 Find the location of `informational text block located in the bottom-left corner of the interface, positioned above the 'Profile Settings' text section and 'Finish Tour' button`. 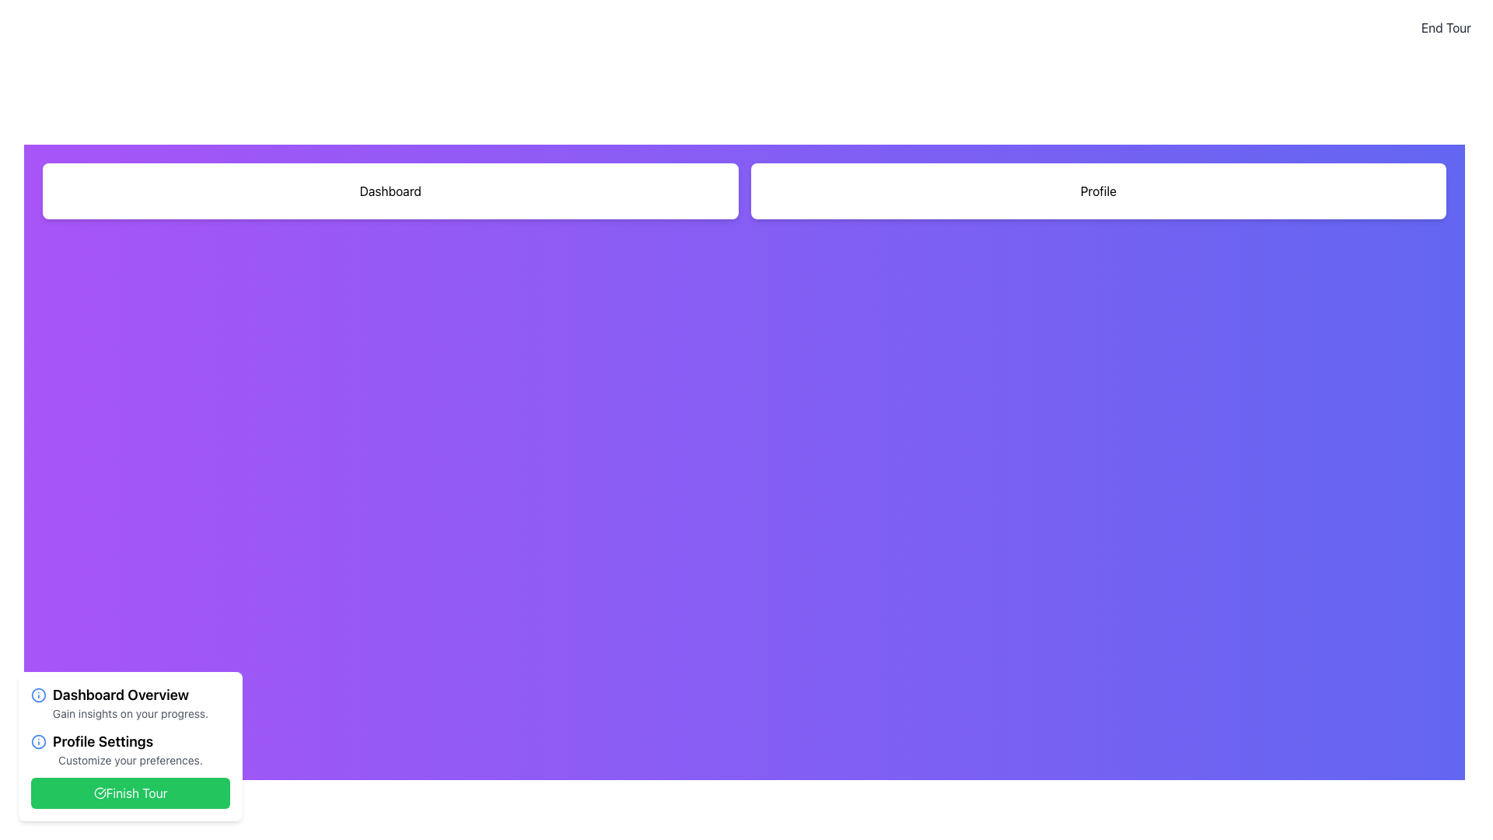

informational text block located in the bottom-left corner of the interface, positioned above the 'Profile Settings' text section and 'Finish Tour' button is located at coordinates (131, 702).